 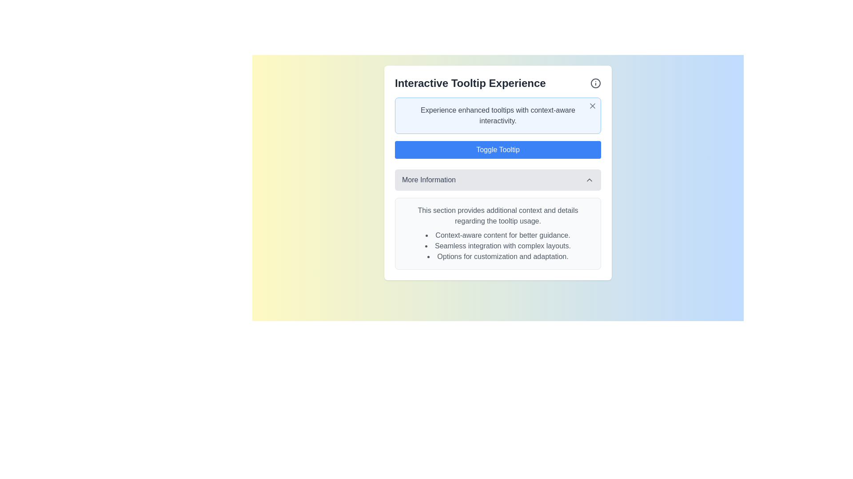 I want to click on the SVG Circle located in the top-right corner of the card to interact with it, so click(x=595, y=83).